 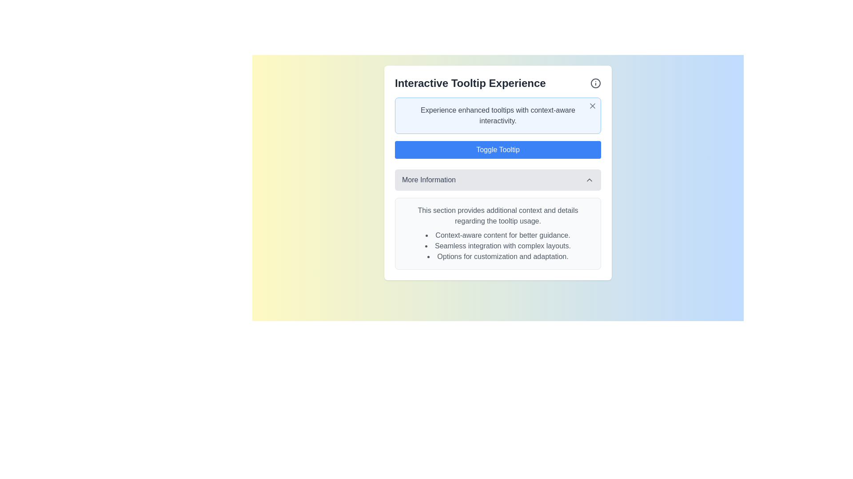 I want to click on the SVG Circle located in the top-right corner of the card to interact with it, so click(x=595, y=83).